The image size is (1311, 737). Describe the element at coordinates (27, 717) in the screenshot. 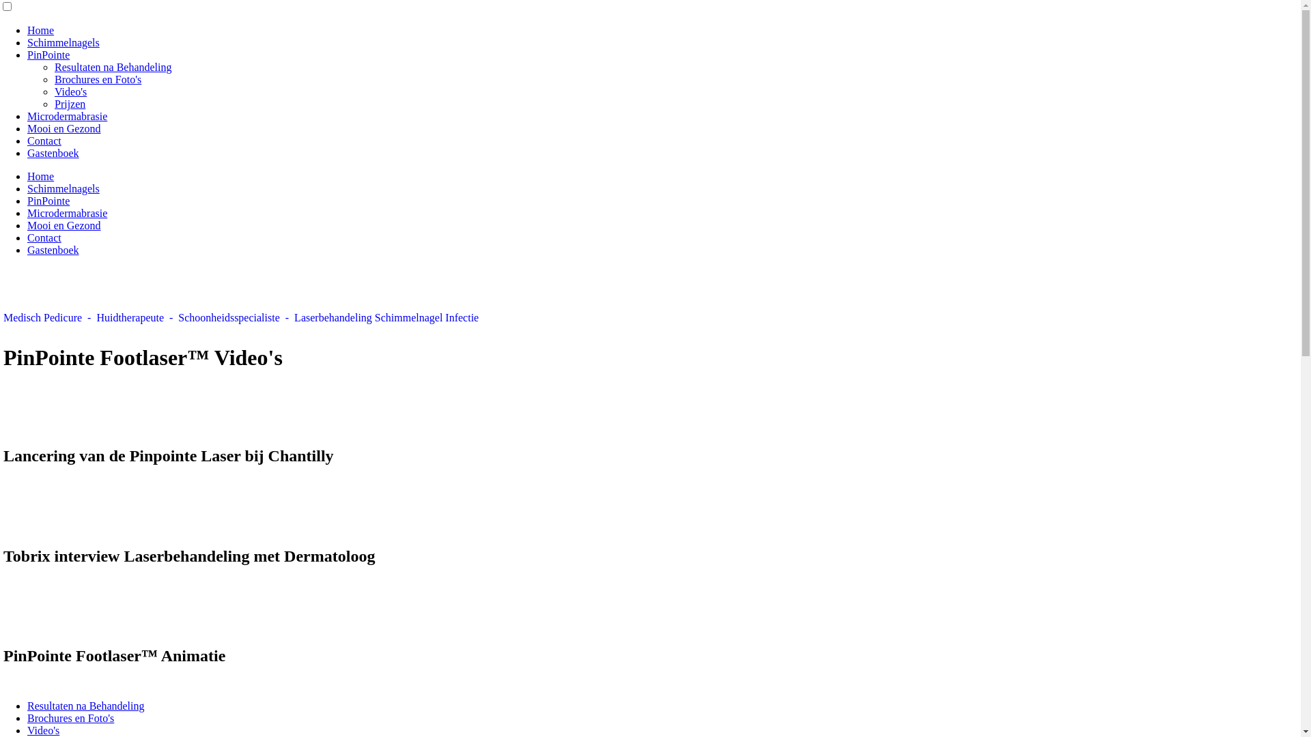

I see `'Brochures en Foto's'` at that location.